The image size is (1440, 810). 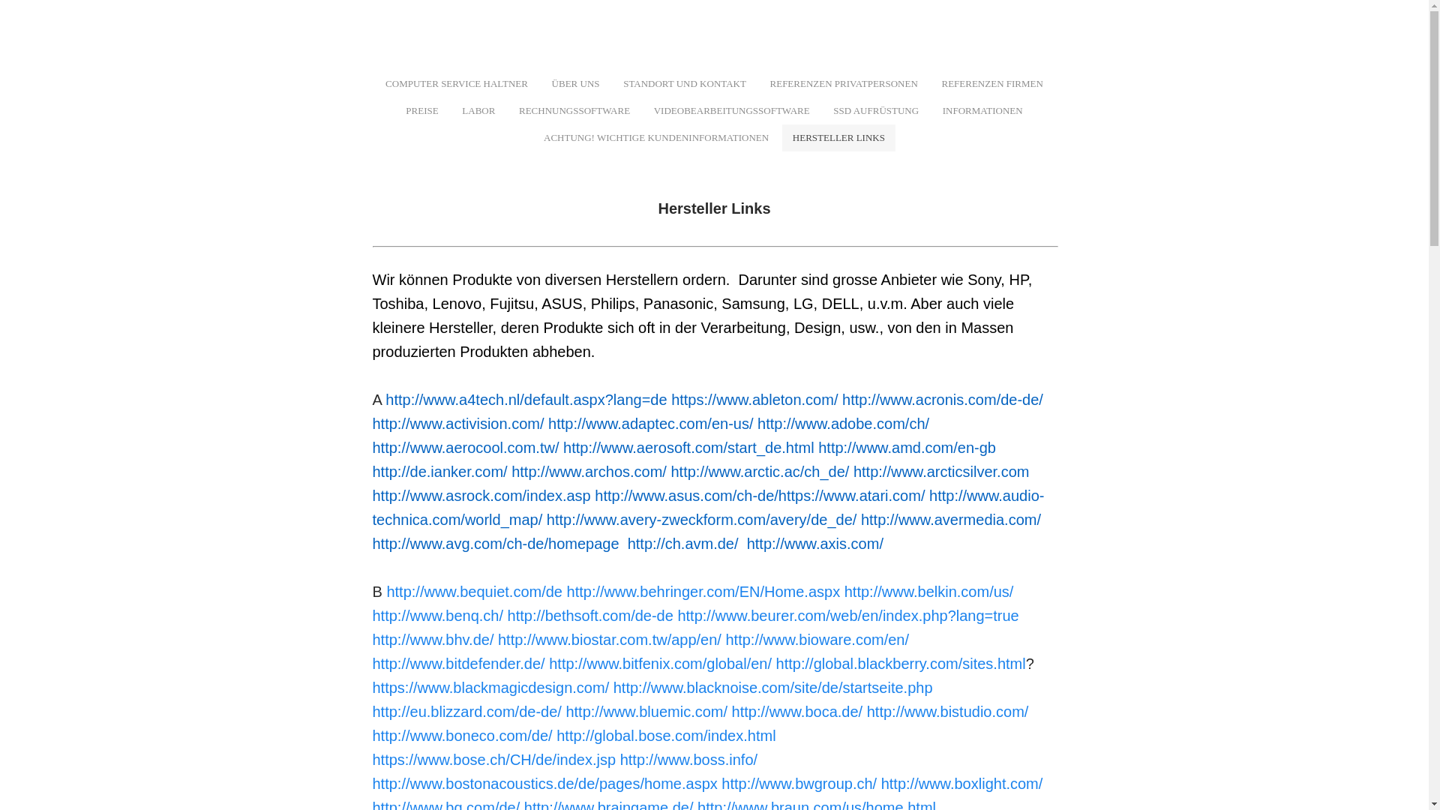 I want to click on 'http://www.bioware.com/en/', so click(x=816, y=639).